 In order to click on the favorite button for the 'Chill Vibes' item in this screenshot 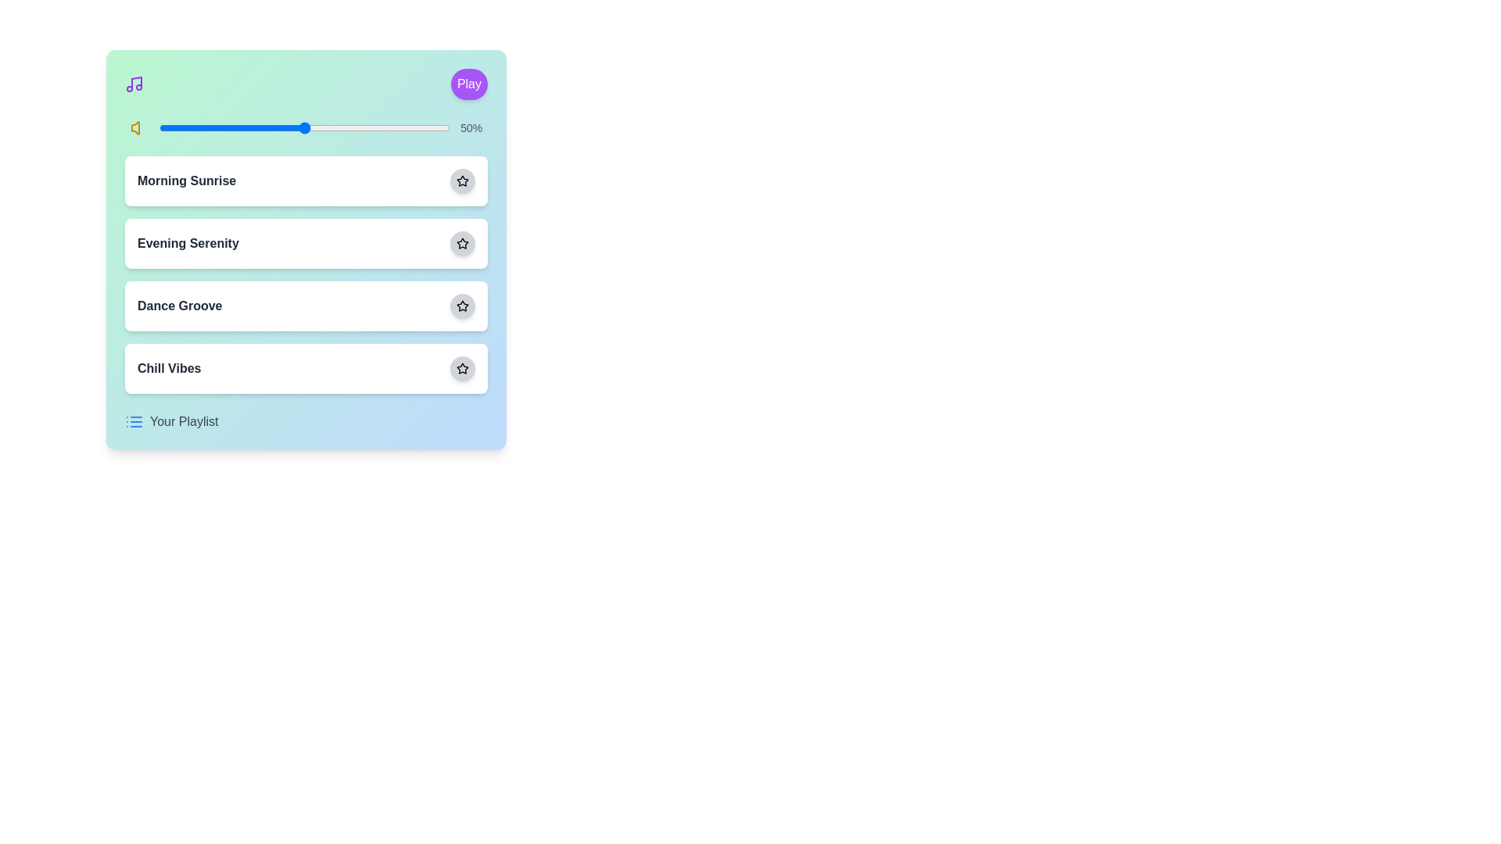, I will do `click(461, 368)`.